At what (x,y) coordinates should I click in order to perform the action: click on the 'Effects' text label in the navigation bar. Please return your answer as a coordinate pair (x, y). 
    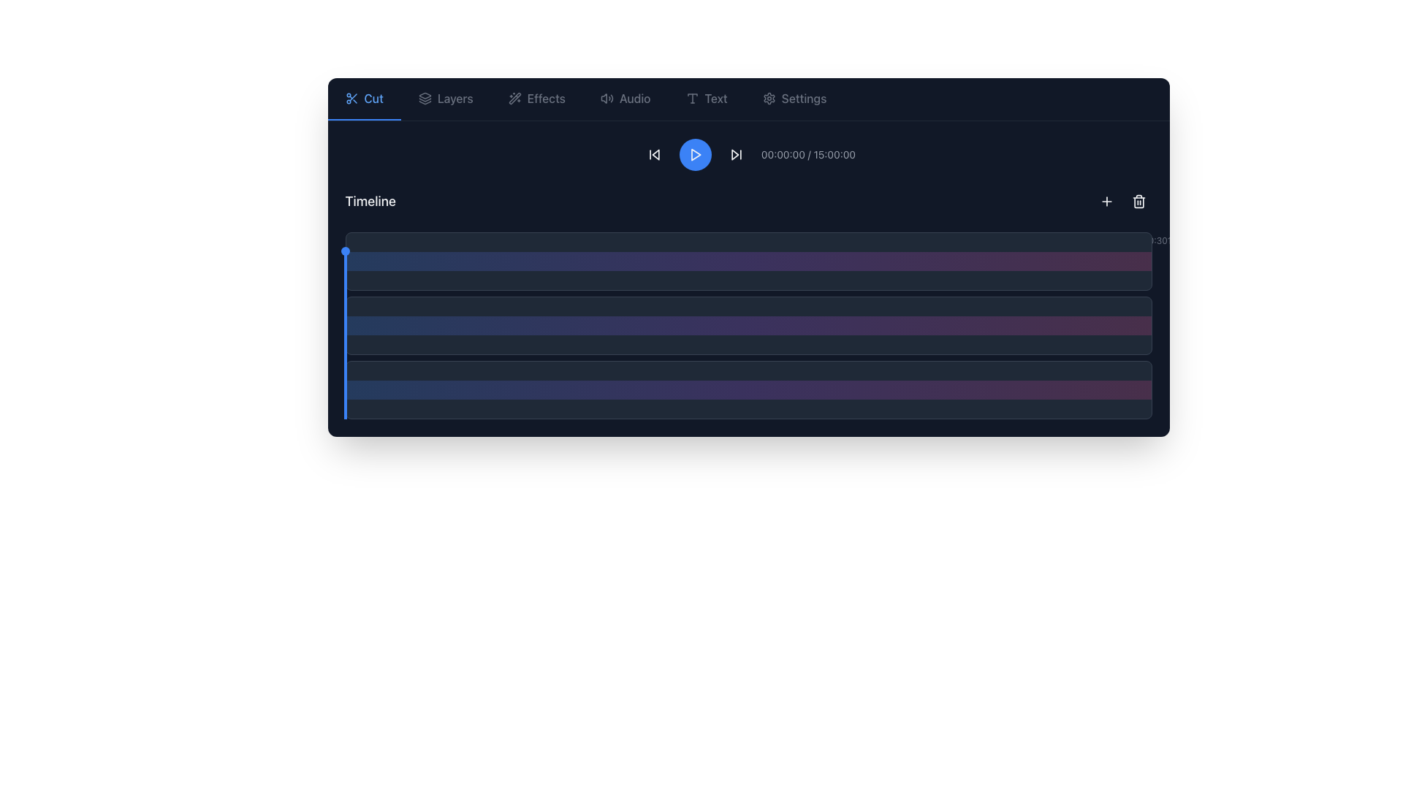
    Looking at the image, I should click on (545, 99).